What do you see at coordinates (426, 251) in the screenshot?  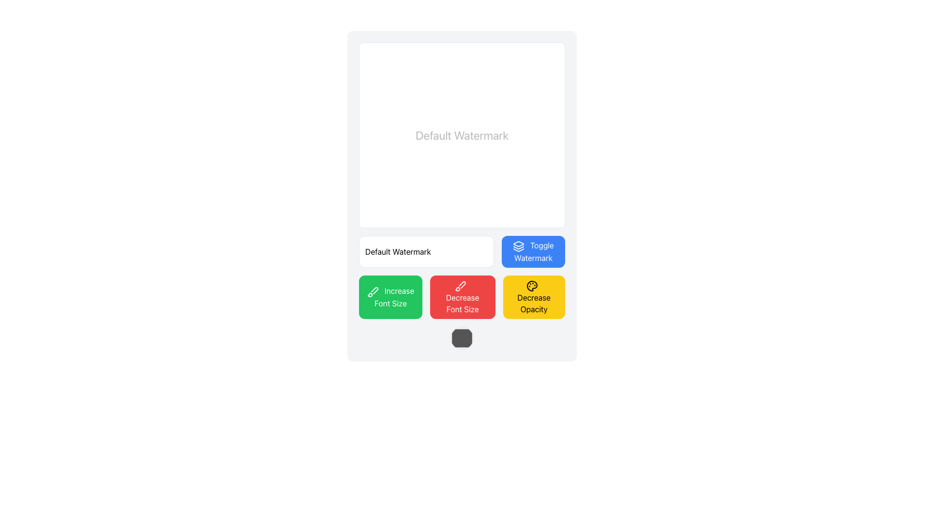 I see `the text input field used for entering or editing the watermark text to focus and enable typing` at bounding box center [426, 251].